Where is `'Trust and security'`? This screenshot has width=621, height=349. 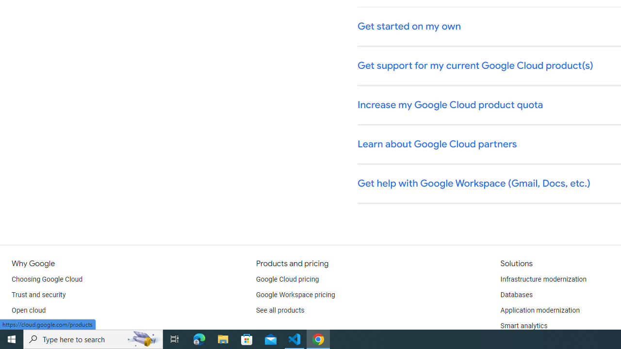
'Trust and security' is located at coordinates (39, 295).